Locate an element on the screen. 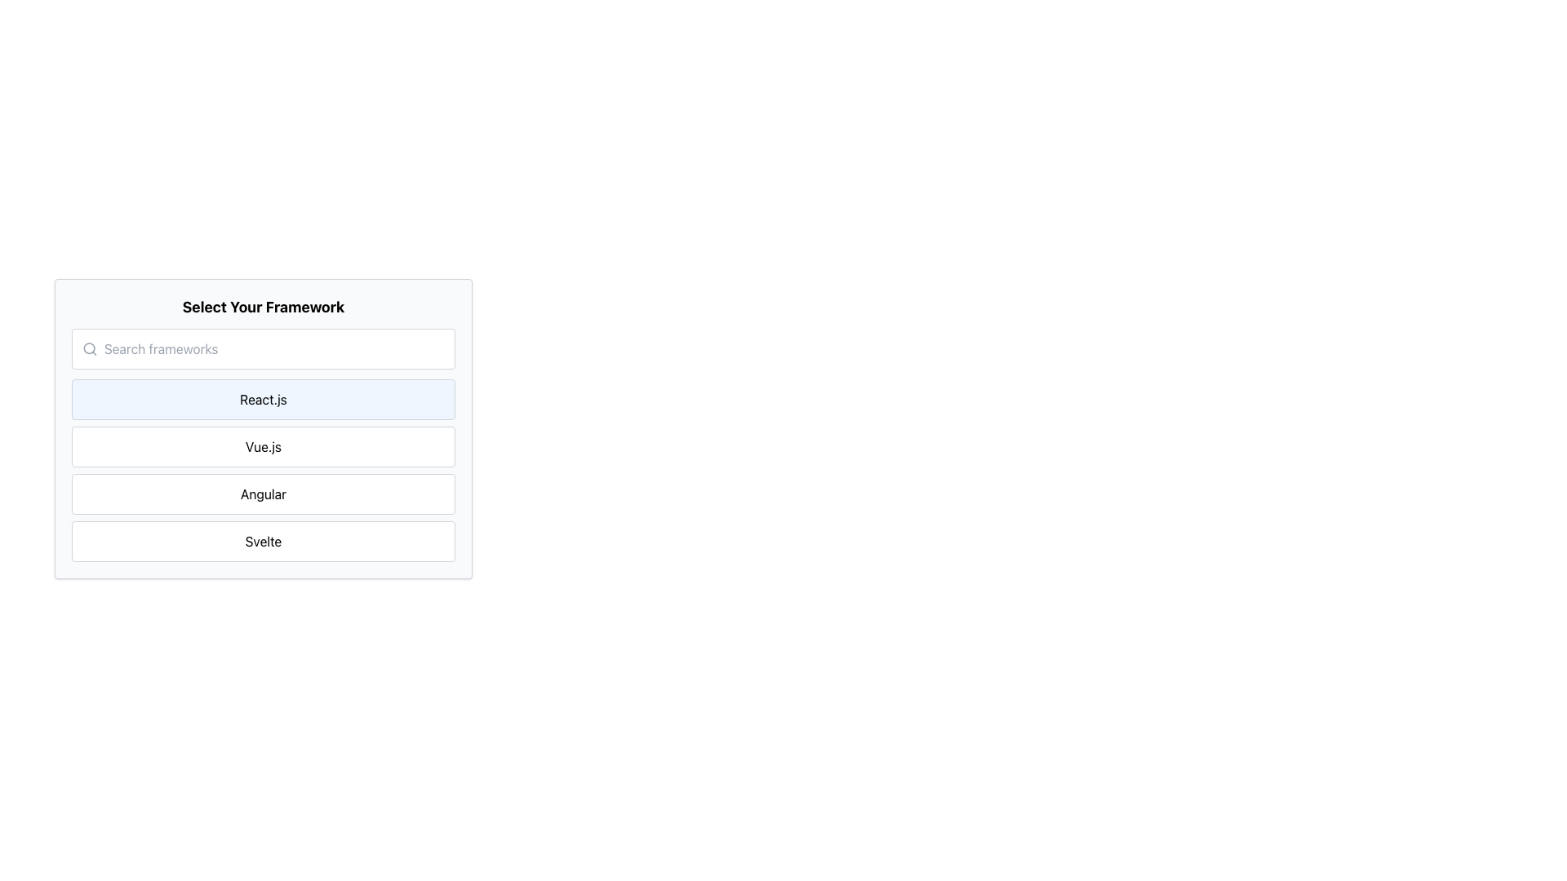 The image size is (1567, 881). the 'Angular' button located in the centered box labeled 'Select Your Framework', which is the third item in the list of selectable framework options is located at coordinates (263, 493).